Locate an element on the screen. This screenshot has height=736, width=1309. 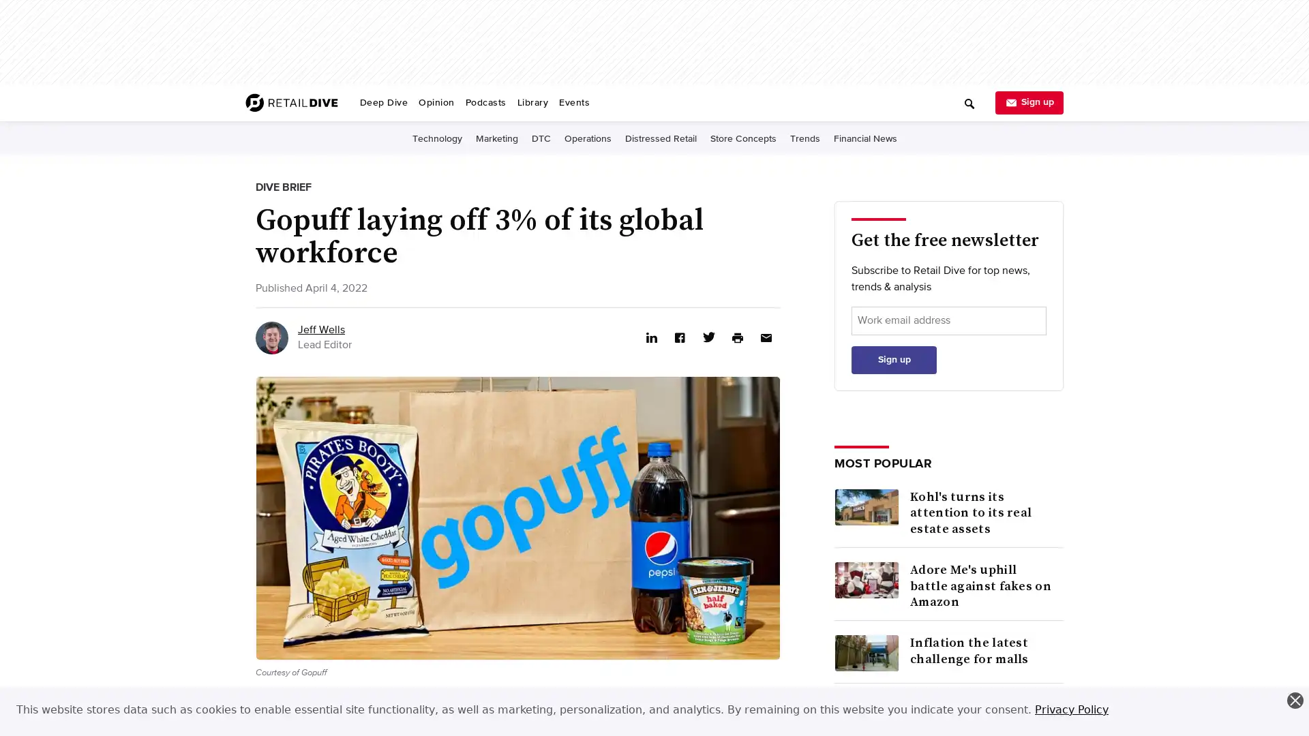
Close this dialog is located at coordinates (1295, 701).